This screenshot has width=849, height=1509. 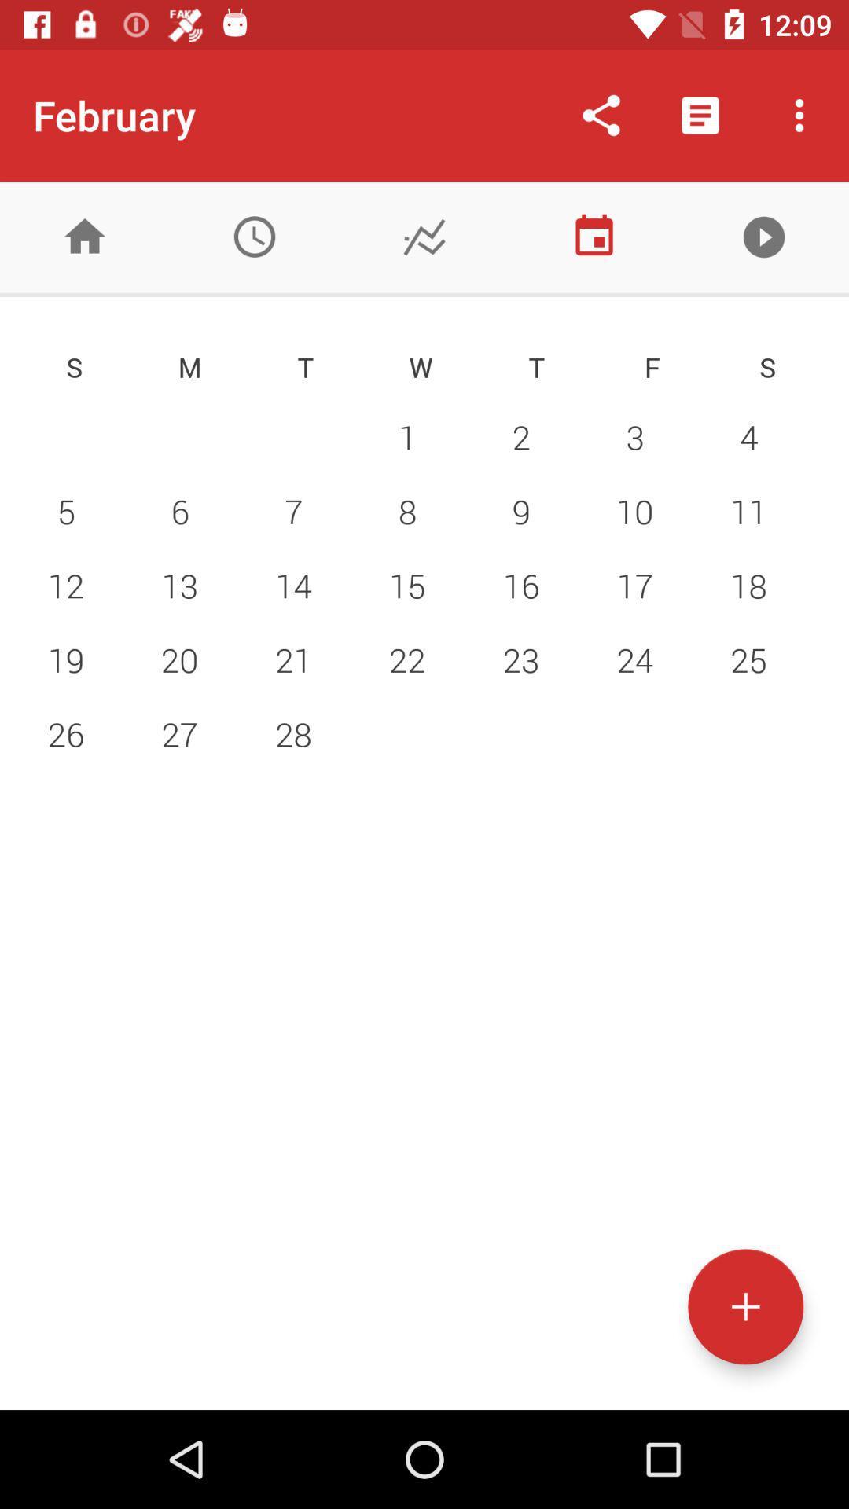 I want to click on workout reminders, so click(x=254, y=236).